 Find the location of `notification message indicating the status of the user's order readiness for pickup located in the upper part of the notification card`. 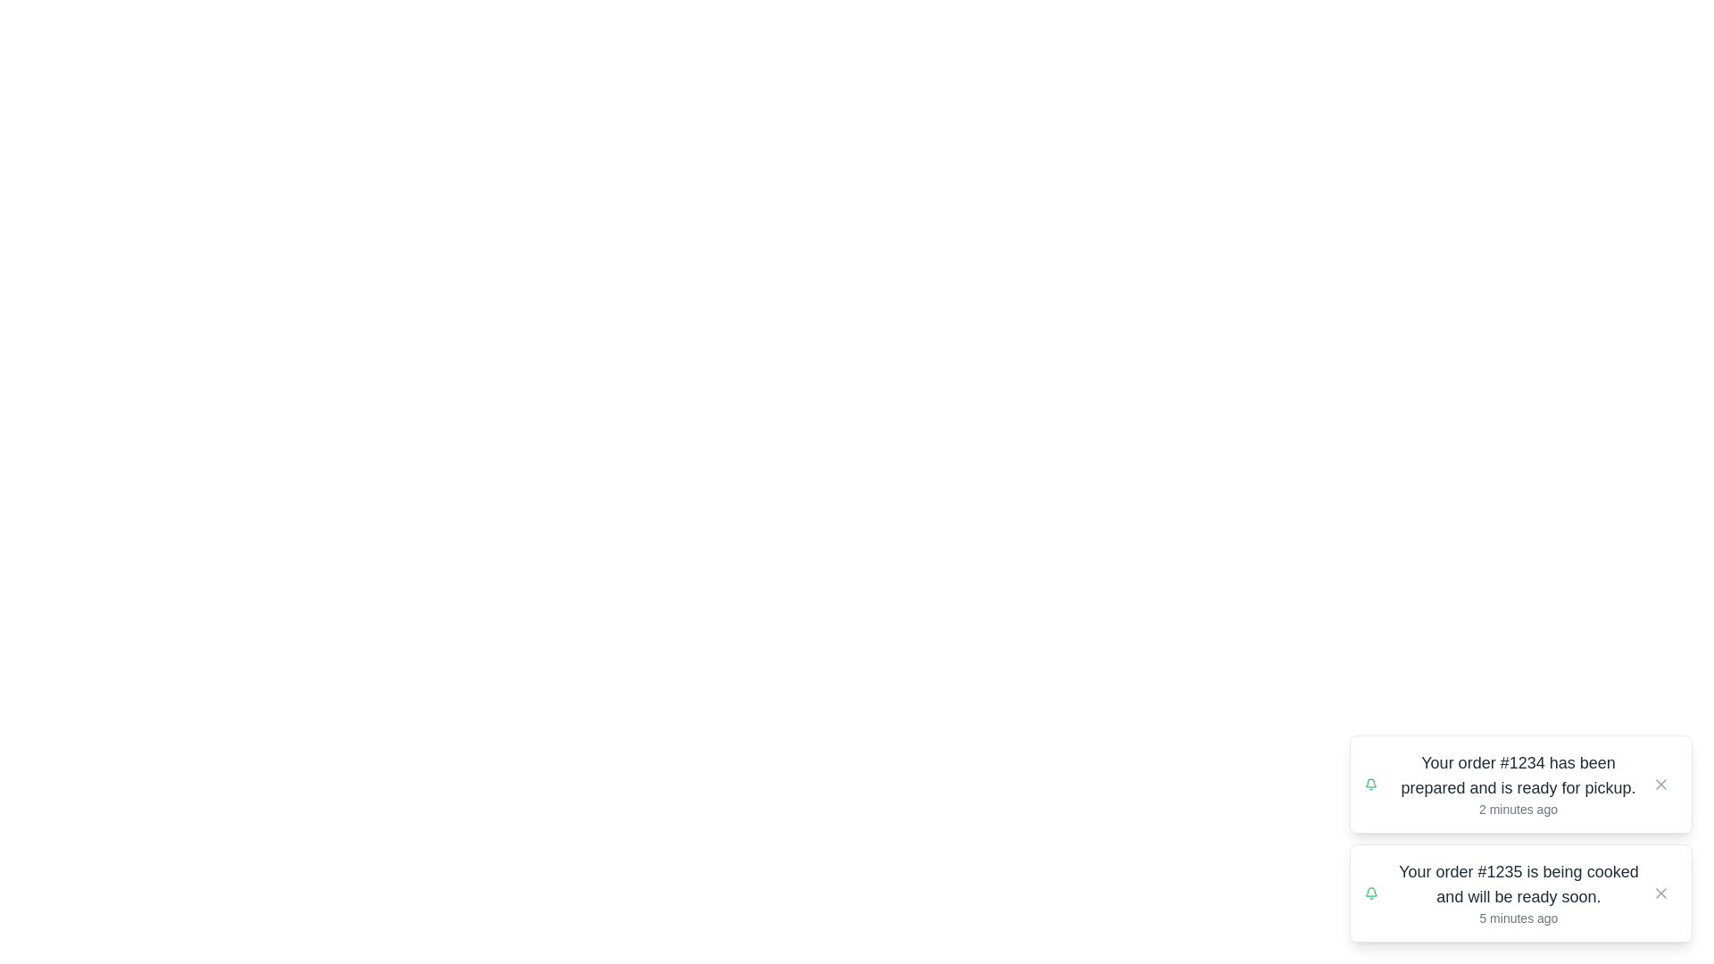

notification message indicating the status of the user's order readiness for pickup located in the upper part of the notification card is located at coordinates (1517, 774).